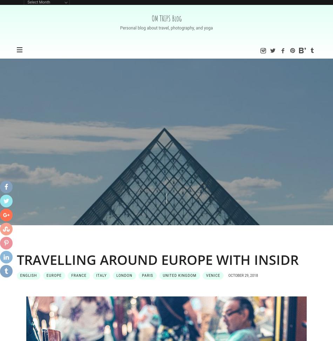 The width and height of the screenshot is (333, 341). Describe the element at coordinates (179, 275) in the screenshot. I see `'United Kingdom'` at that location.